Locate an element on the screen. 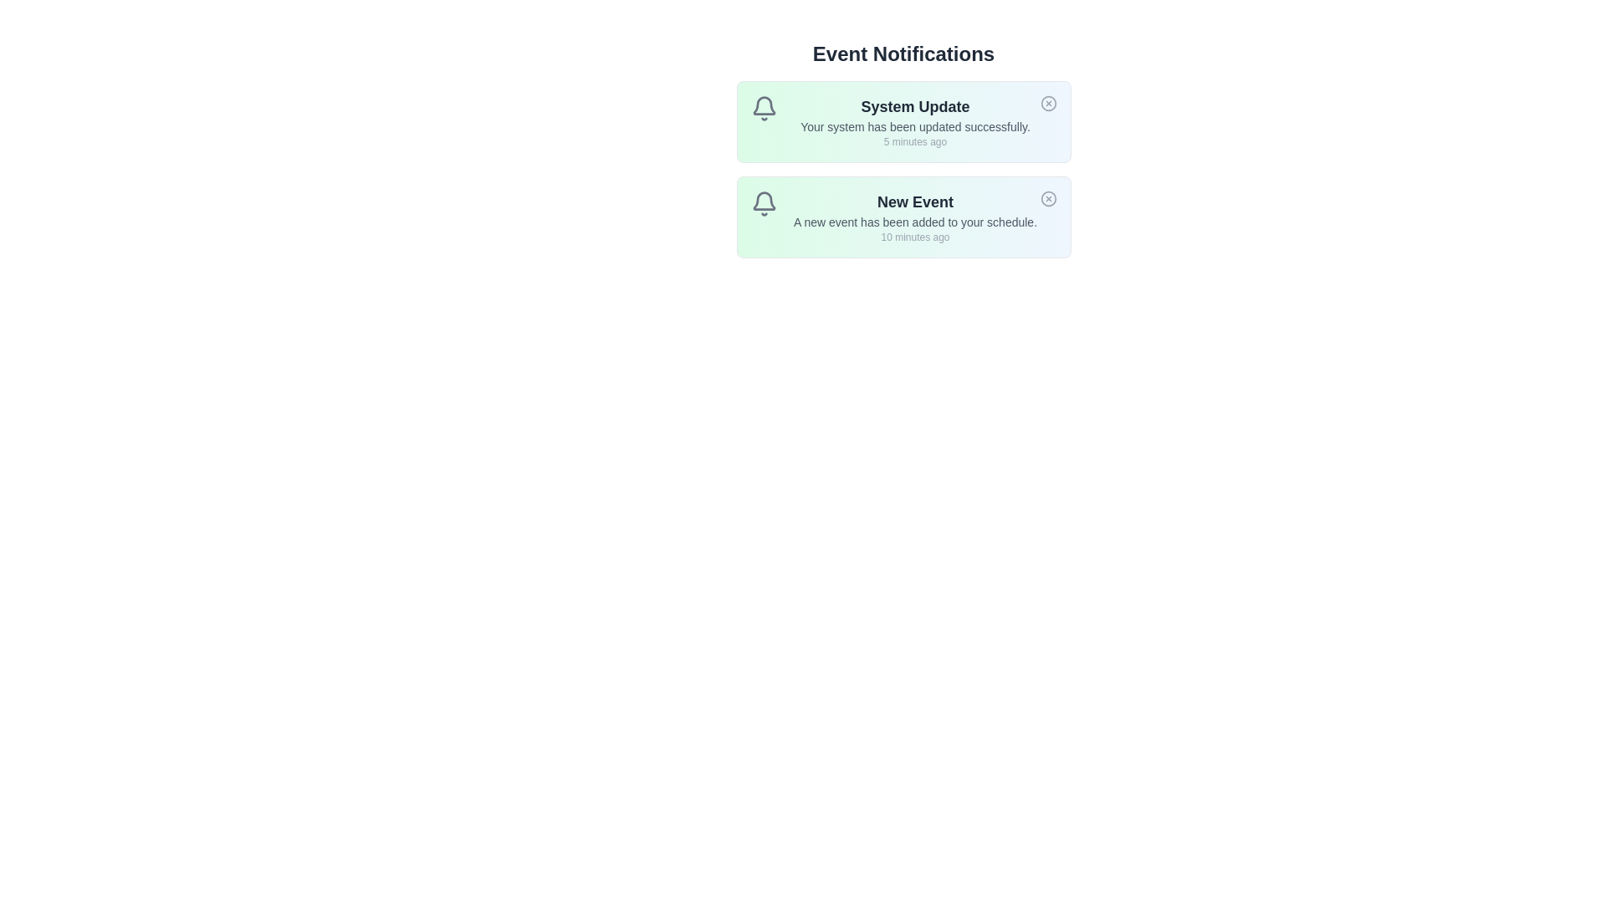 The image size is (1606, 903). the bell icon to inspect its tooltip or effect is located at coordinates (763, 109).